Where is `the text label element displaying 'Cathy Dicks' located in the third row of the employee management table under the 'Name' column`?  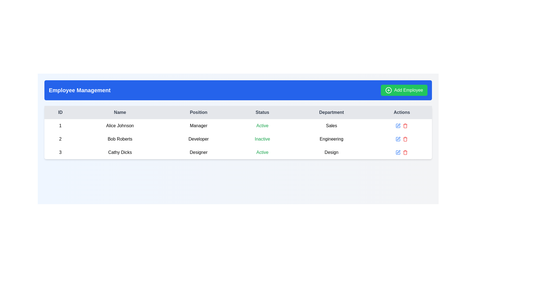 the text label element displaying 'Cathy Dicks' located in the third row of the employee management table under the 'Name' column is located at coordinates (120, 152).